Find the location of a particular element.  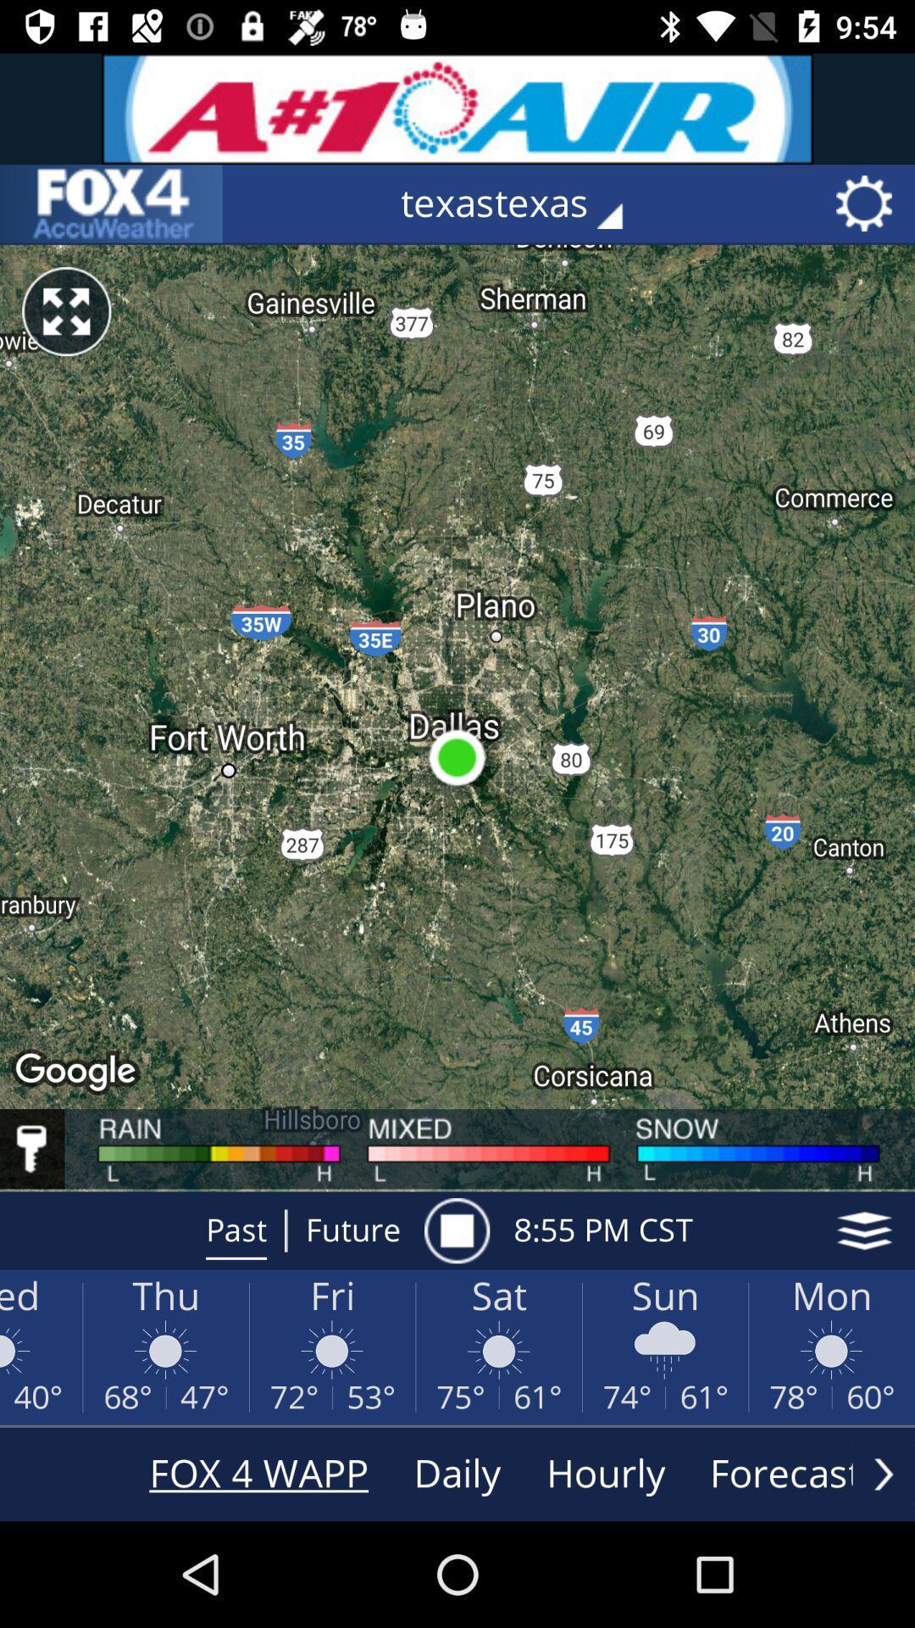

the arrow_forward icon is located at coordinates (883, 1473).